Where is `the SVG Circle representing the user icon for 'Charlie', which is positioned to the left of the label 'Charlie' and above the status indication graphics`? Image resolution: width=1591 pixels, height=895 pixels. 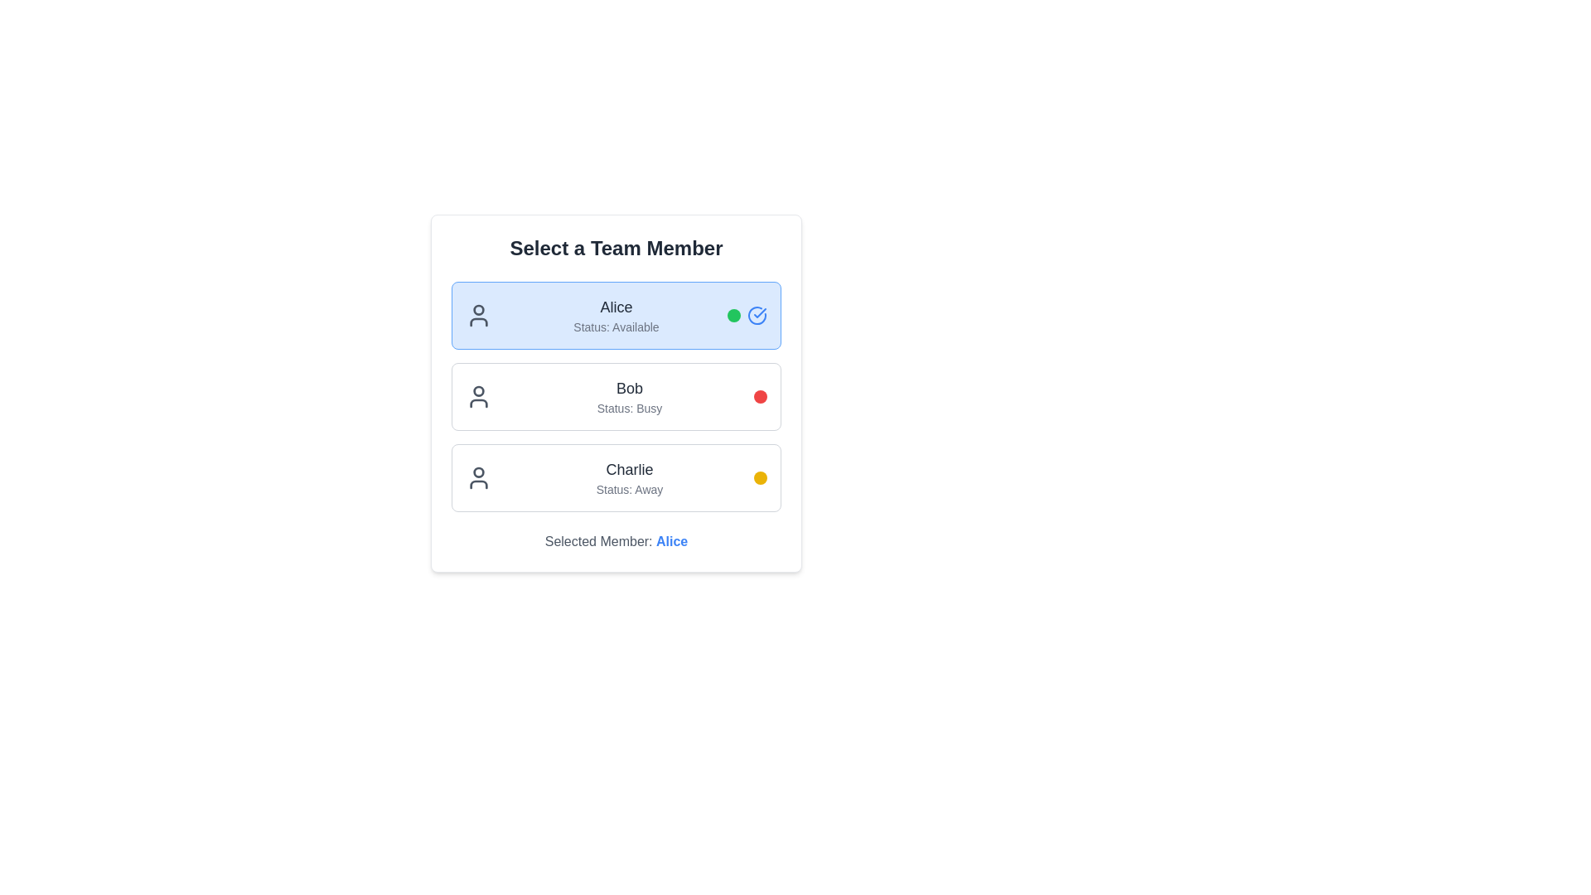
the SVG Circle representing the user icon for 'Charlie', which is positioned to the left of the label 'Charlie' and above the status indication graphics is located at coordinates (477, 472).